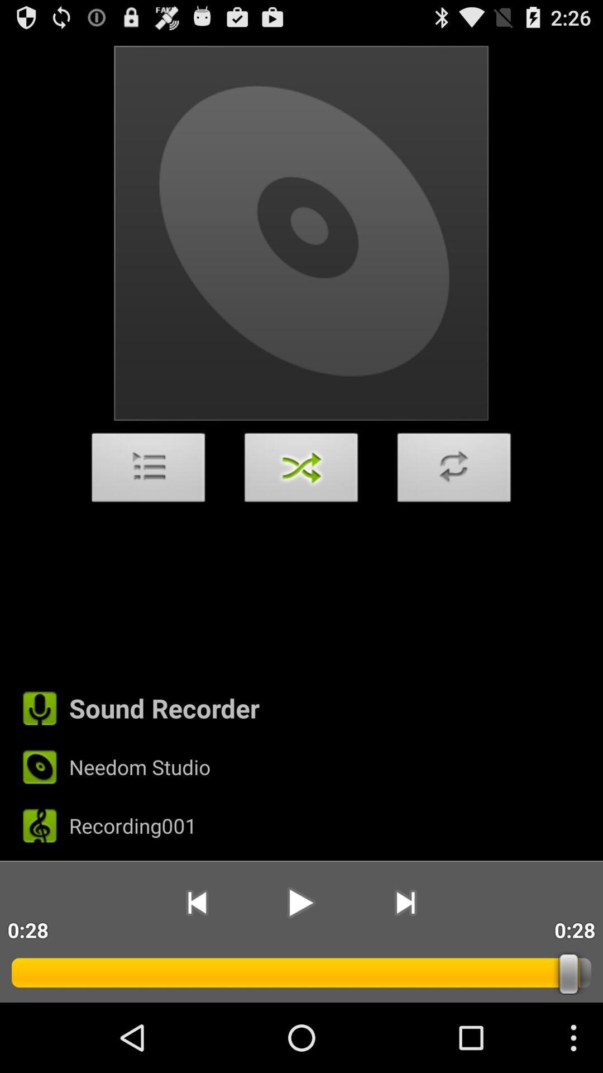  I want to click on the play icon, so click(300, 965).